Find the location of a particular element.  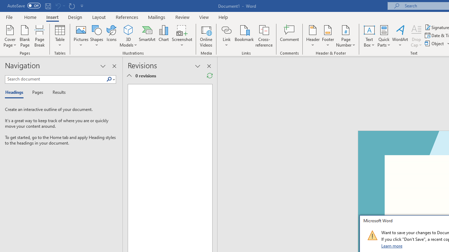

'Can' is located at coordinates (60, 6).